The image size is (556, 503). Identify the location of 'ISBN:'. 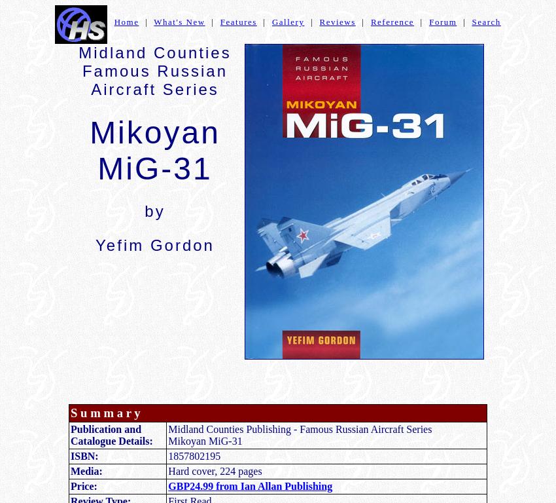
(84, 456).